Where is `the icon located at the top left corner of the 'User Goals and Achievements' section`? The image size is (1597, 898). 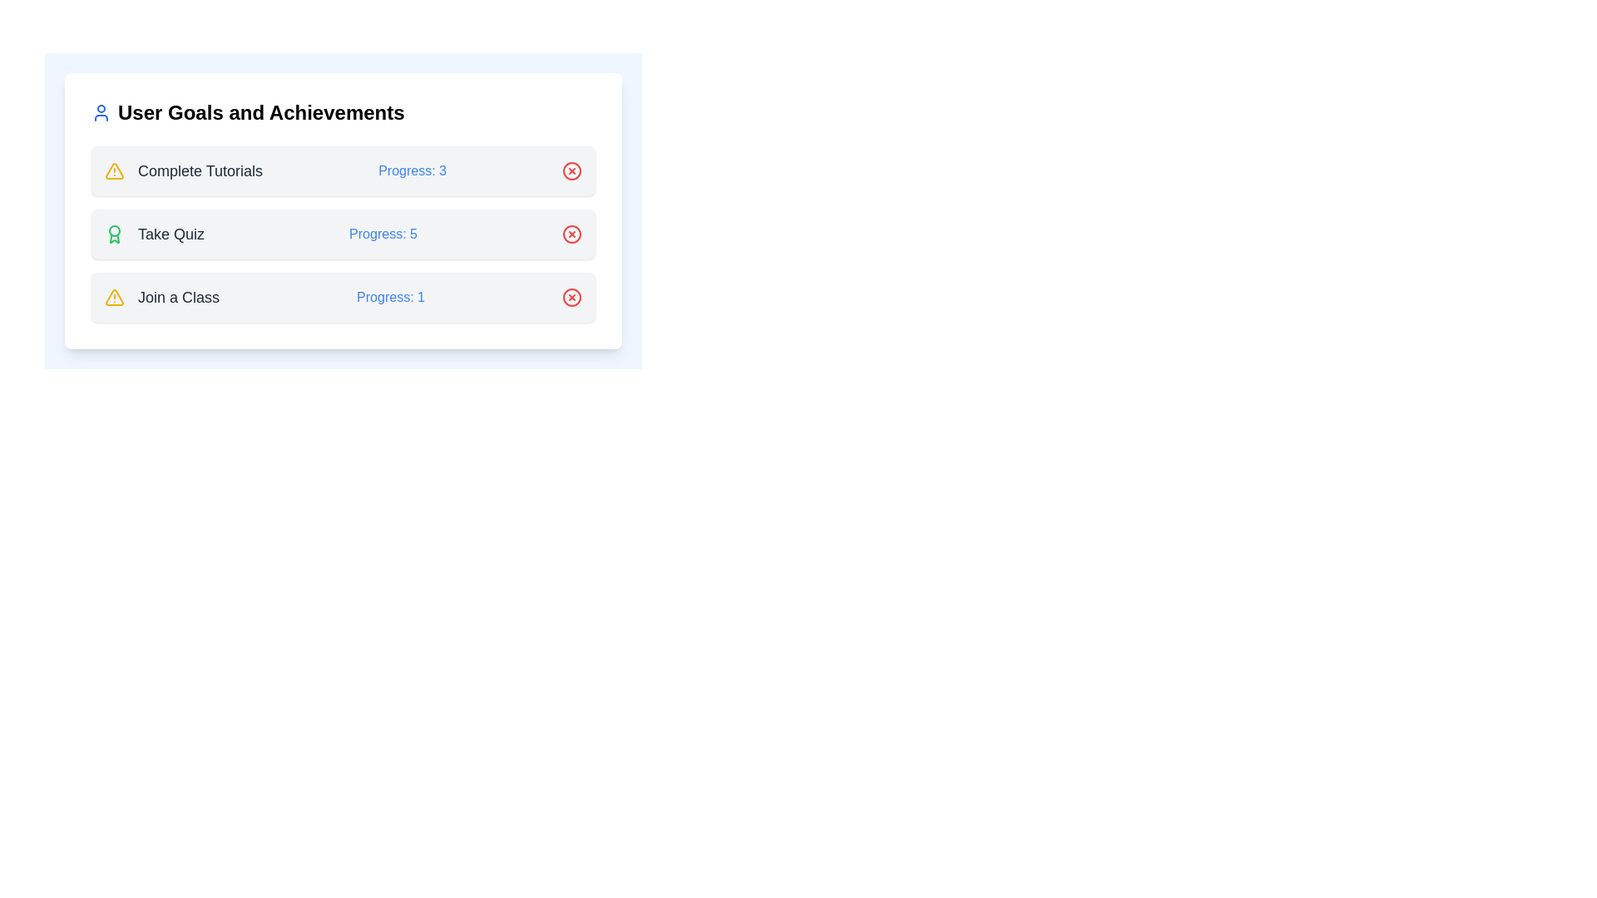
the icon located at the top left corner of the 'User Goals and Achievements' section is located at coordinates (100, 112).